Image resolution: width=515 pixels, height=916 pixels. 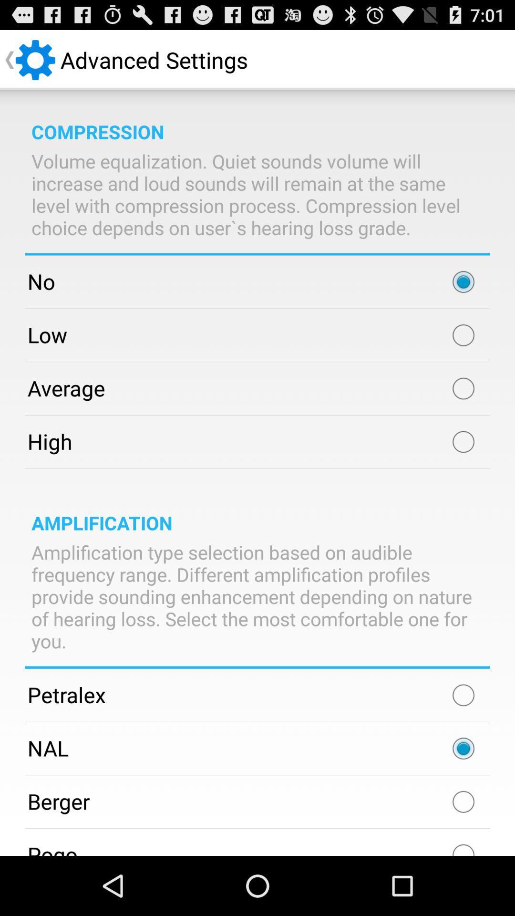 What do you see at coordinates (463, 388) in the screenshot?
I see `average` at bounding box center [463, 388].